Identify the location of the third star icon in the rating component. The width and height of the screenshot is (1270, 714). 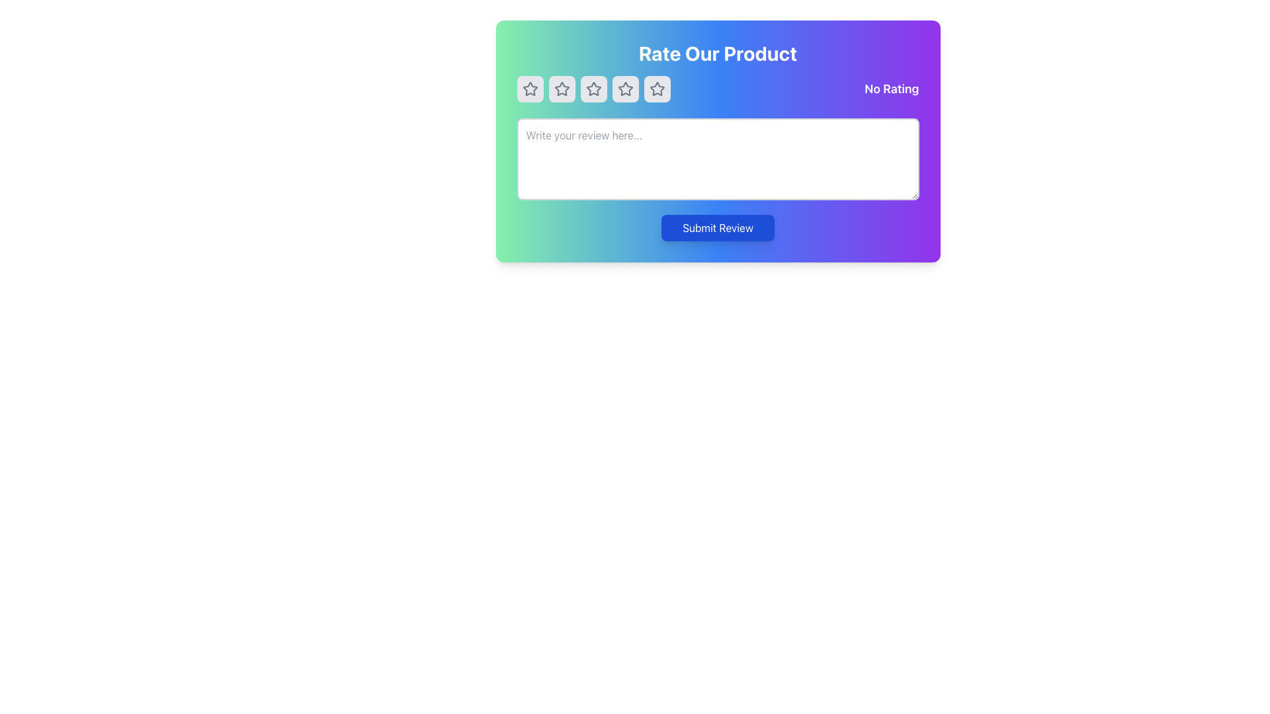
(624, 89).